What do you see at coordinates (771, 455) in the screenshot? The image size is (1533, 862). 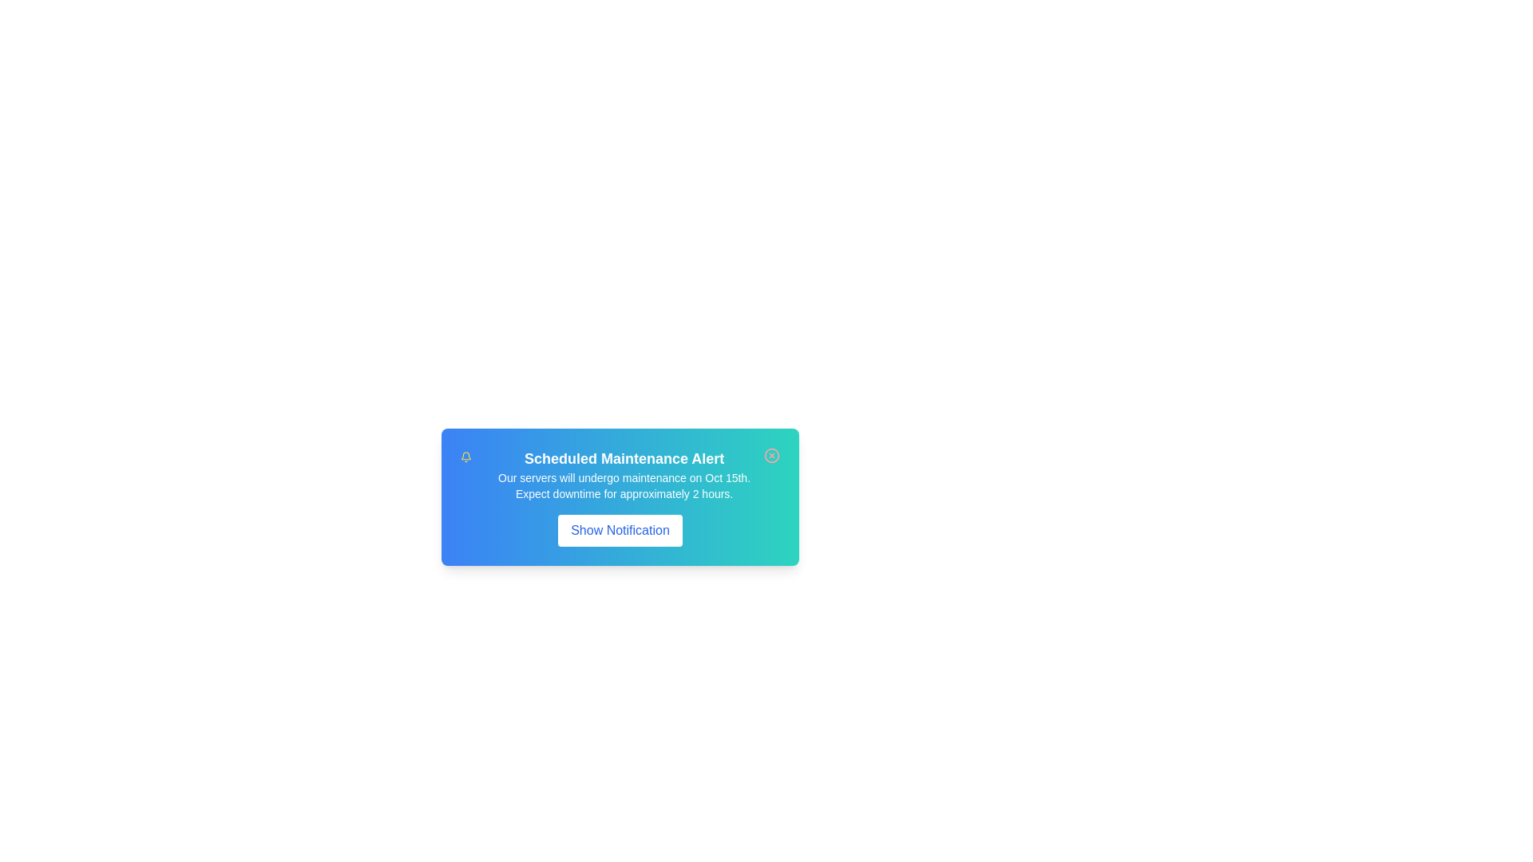 I see `the close button to dismiss the notification` at bounding box center [771, 455].